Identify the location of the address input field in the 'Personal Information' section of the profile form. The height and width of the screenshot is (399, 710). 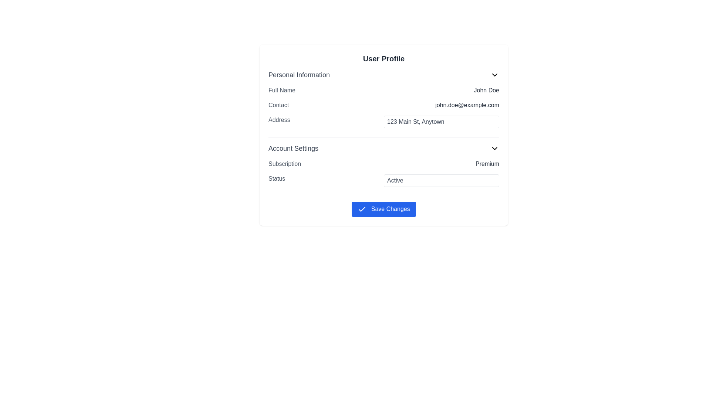
(383, 122).